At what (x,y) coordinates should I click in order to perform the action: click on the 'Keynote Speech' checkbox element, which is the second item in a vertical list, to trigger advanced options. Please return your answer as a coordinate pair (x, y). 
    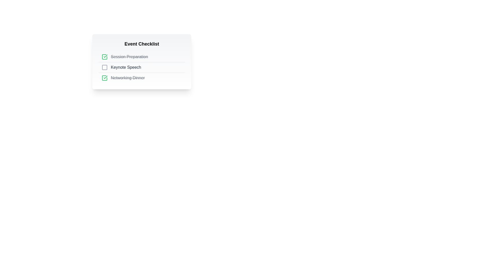
    Looking at the image, I should click on (142, 67).